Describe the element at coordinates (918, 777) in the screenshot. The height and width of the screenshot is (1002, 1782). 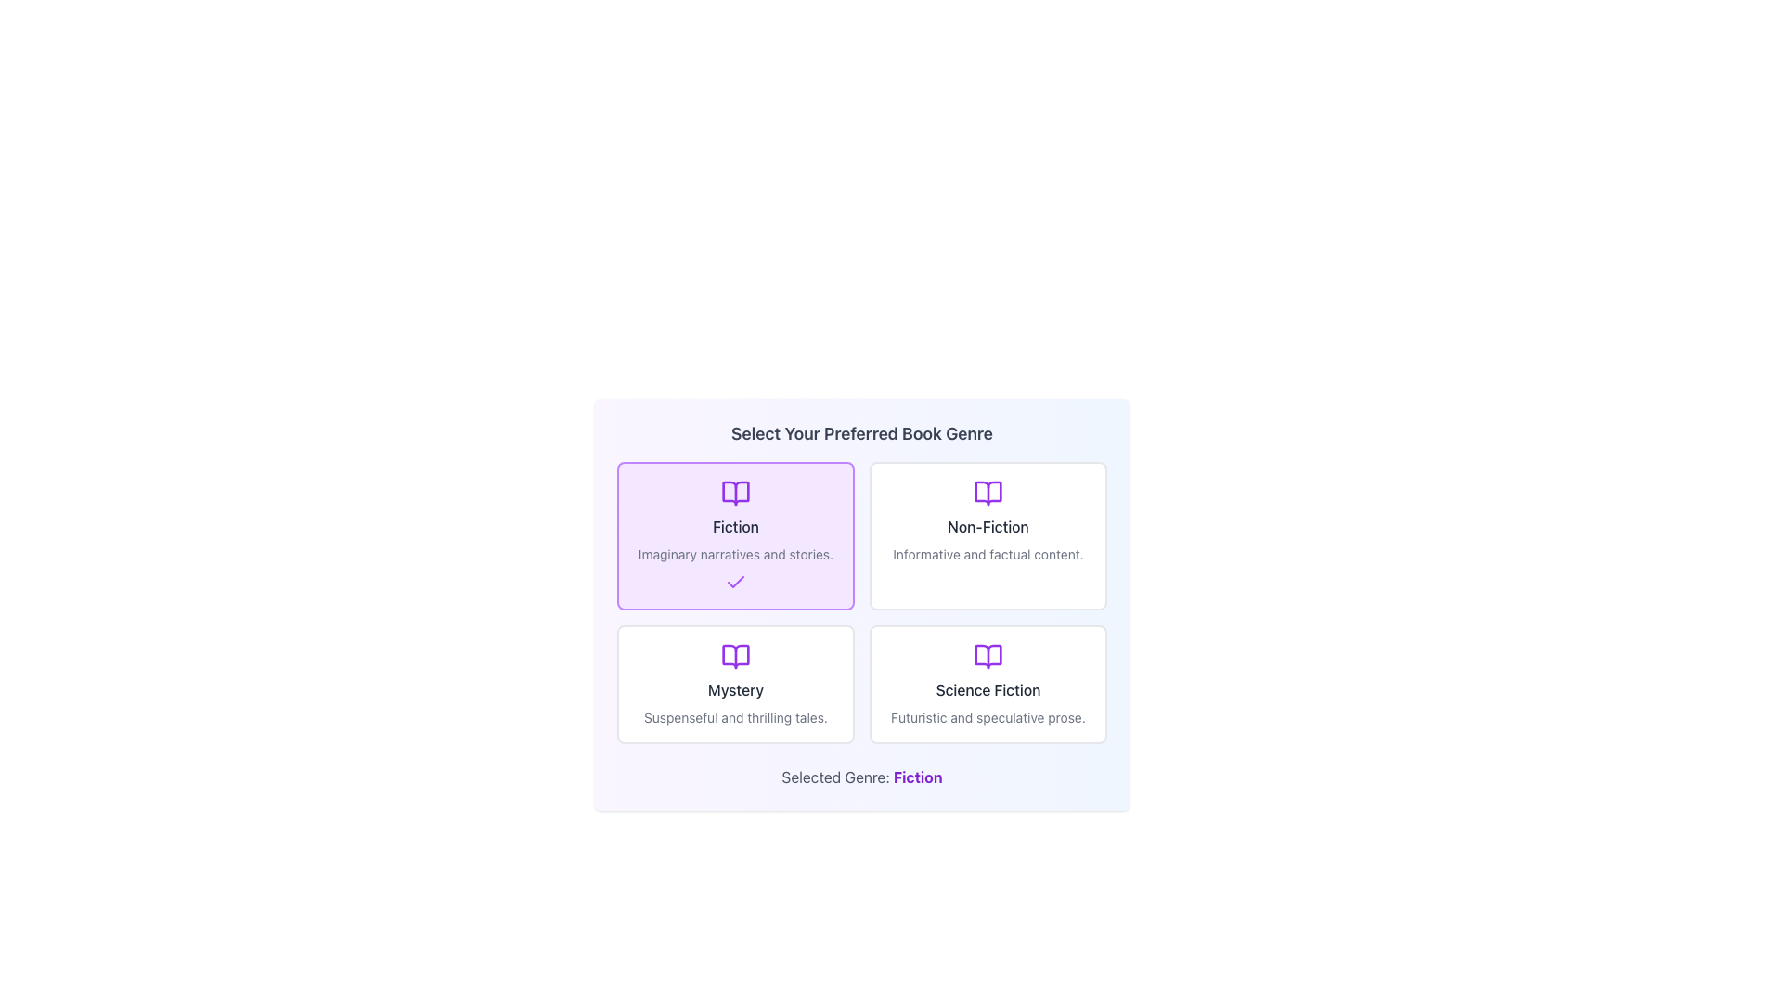
I see `text label displaying 'Fiction' in bold purple font, which is the last word in the phrase 'Selected Genre: Fiction'` at that location.